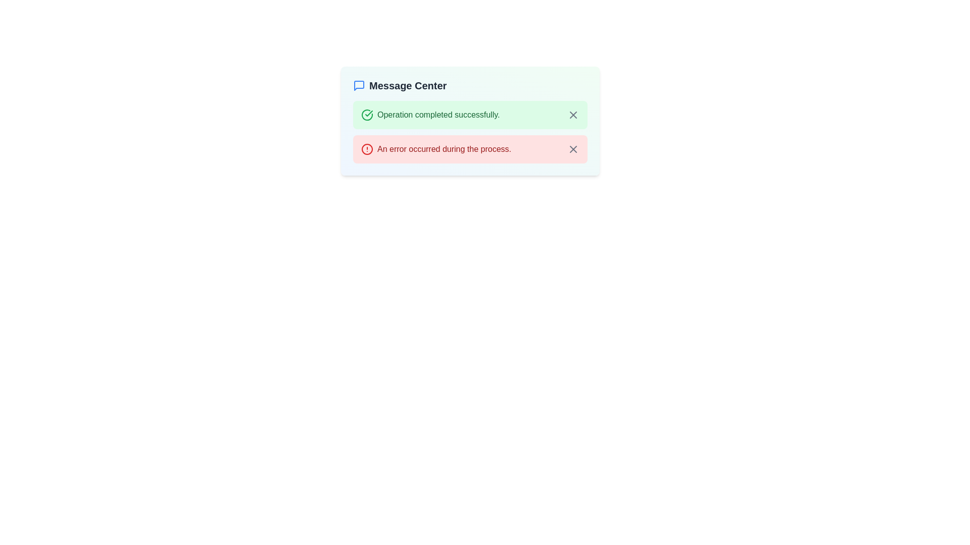  I want to click on notification text from the first notification banner in the Message Center, which indicates the successful completion of an operation, so click(470, 114).